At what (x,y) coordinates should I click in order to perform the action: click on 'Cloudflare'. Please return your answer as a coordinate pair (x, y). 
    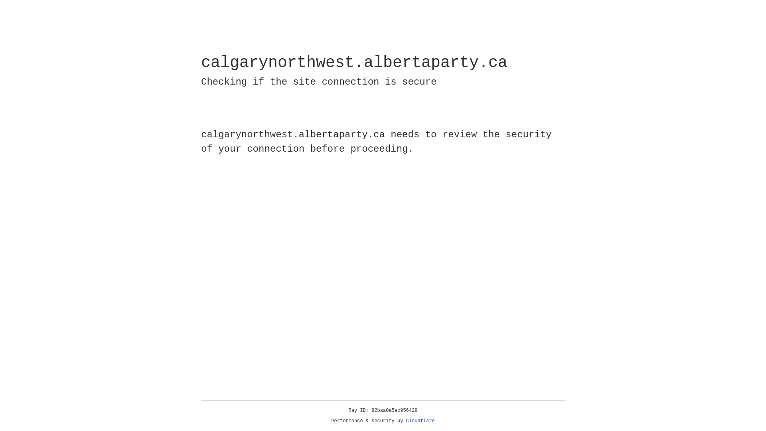
    Looking at the image, I should click on (420, 421).